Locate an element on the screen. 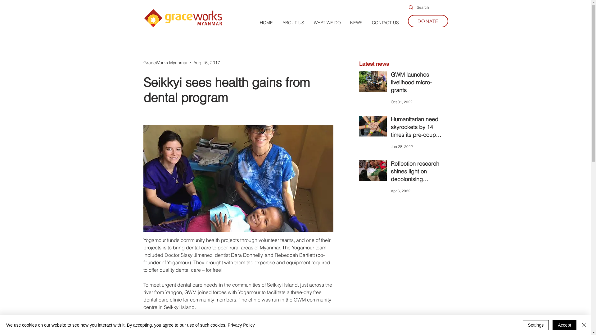 The height and width of the screenshot is (335, 596). 'Humanitarian need skyrockets by 14 times its pre-coup levels' is located at coordinates (417, 128).